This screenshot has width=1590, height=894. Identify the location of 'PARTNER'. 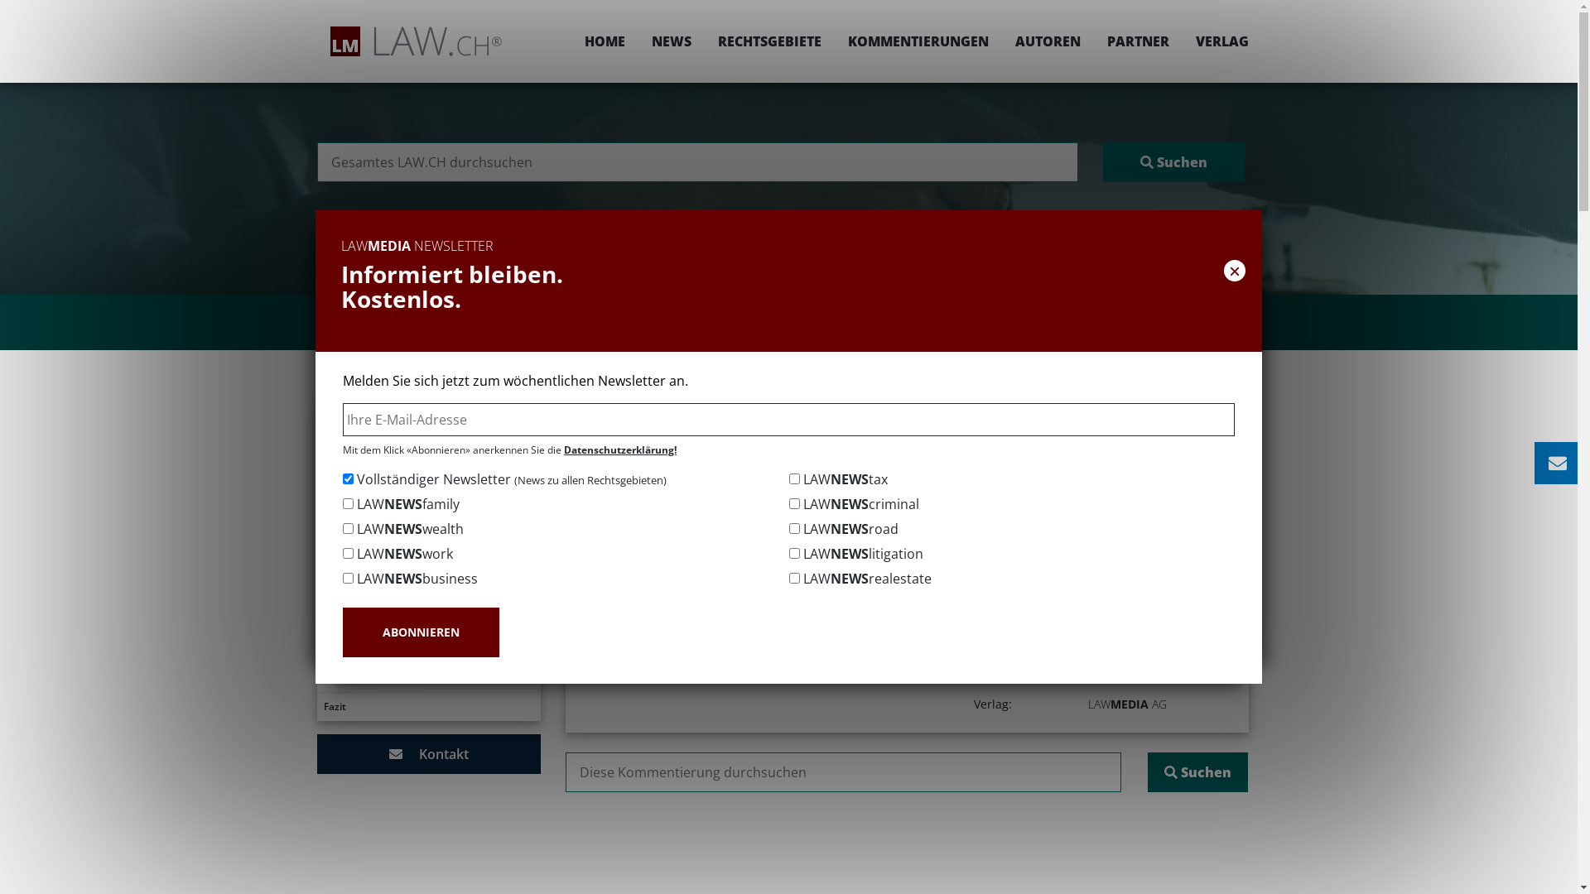
(1093, 41).